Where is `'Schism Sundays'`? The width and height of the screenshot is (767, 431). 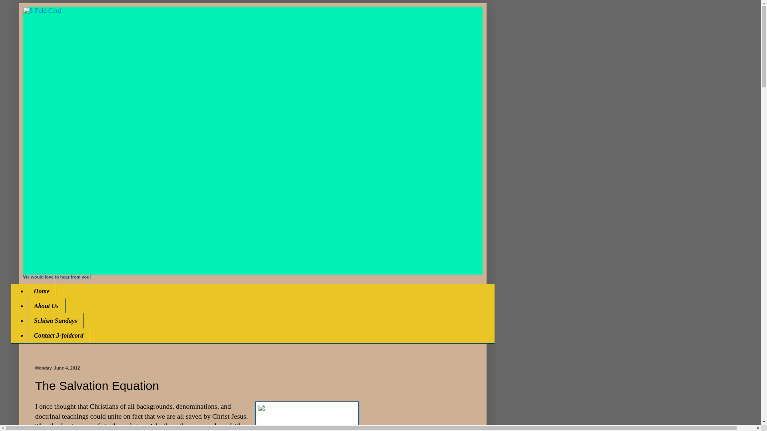
'Schism Sundays' is located at coordinates (55, 320).